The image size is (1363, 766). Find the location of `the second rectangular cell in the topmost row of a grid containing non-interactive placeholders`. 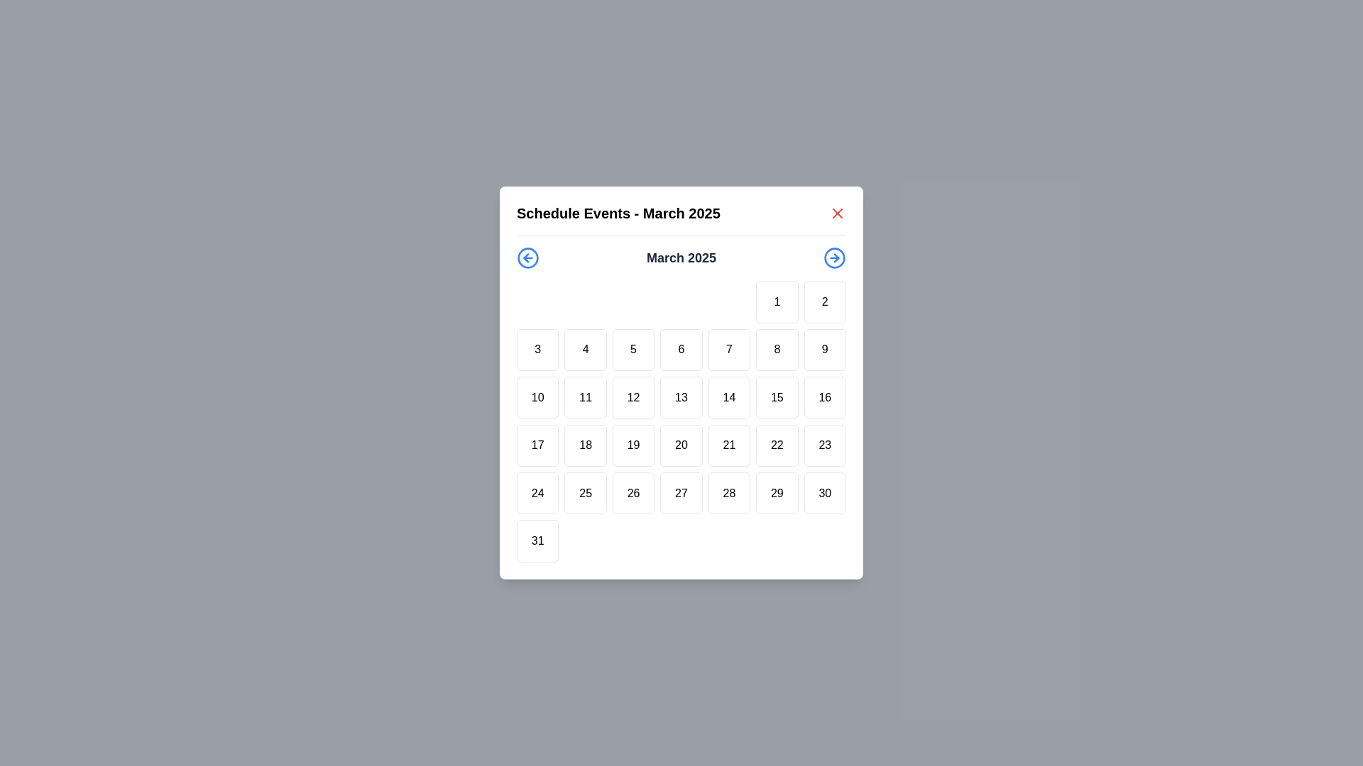

the second rectangular cell in the topmost row of a grid containing non-interactive placeholders is located at coordinates (586, 301).